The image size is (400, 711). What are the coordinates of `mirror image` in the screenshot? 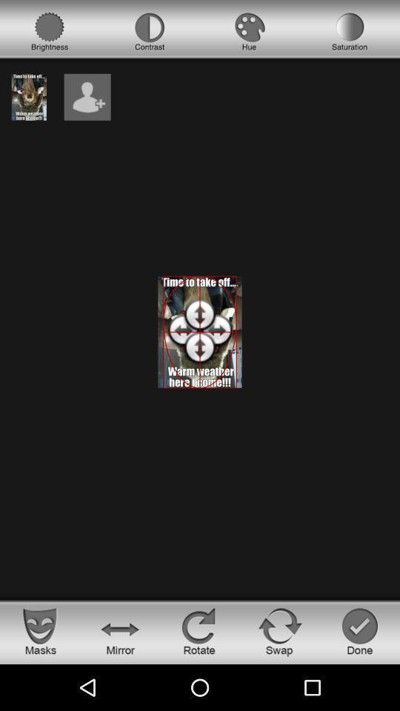 It's located at (119, 630).